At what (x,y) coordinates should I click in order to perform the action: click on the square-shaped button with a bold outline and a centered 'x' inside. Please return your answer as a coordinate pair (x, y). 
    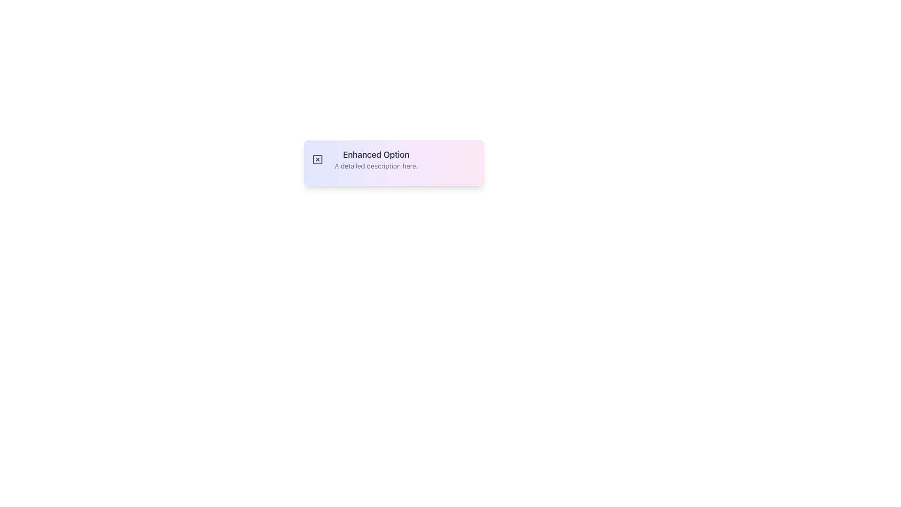
    Looking at the image, I should click on (317, 159).